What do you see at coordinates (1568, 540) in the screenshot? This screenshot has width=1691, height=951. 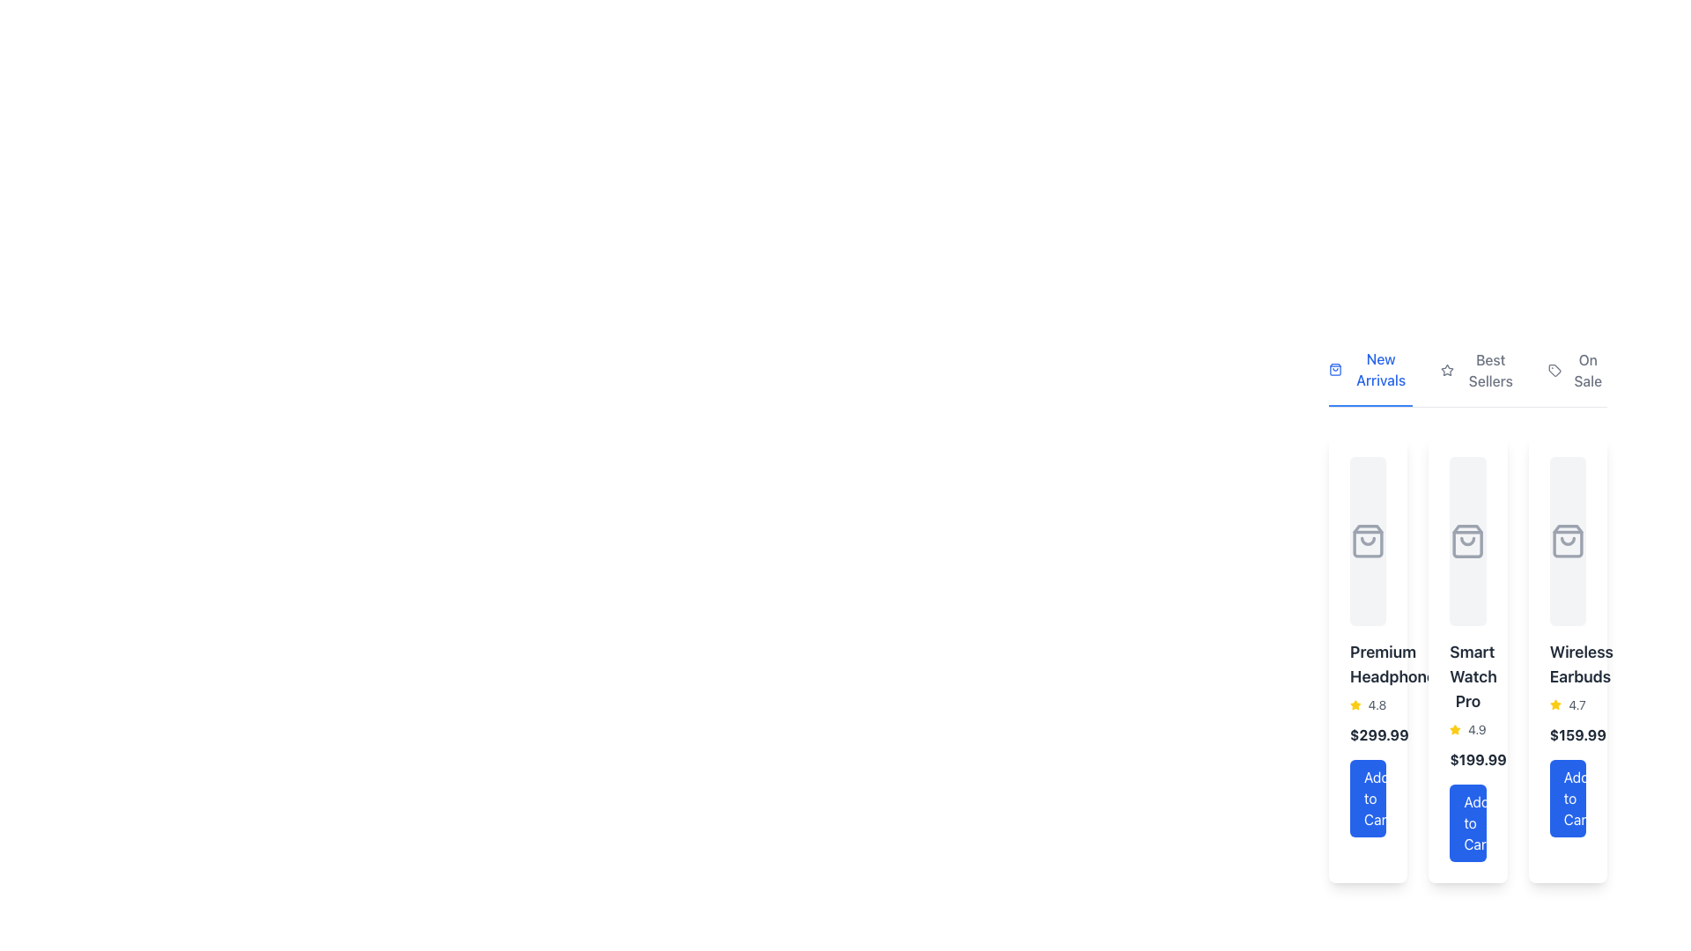 I see `the product icon representing 'Wireless Earbuds' in the third product card under the 'New Arrivals' section` at bounding box center [1568, 540].